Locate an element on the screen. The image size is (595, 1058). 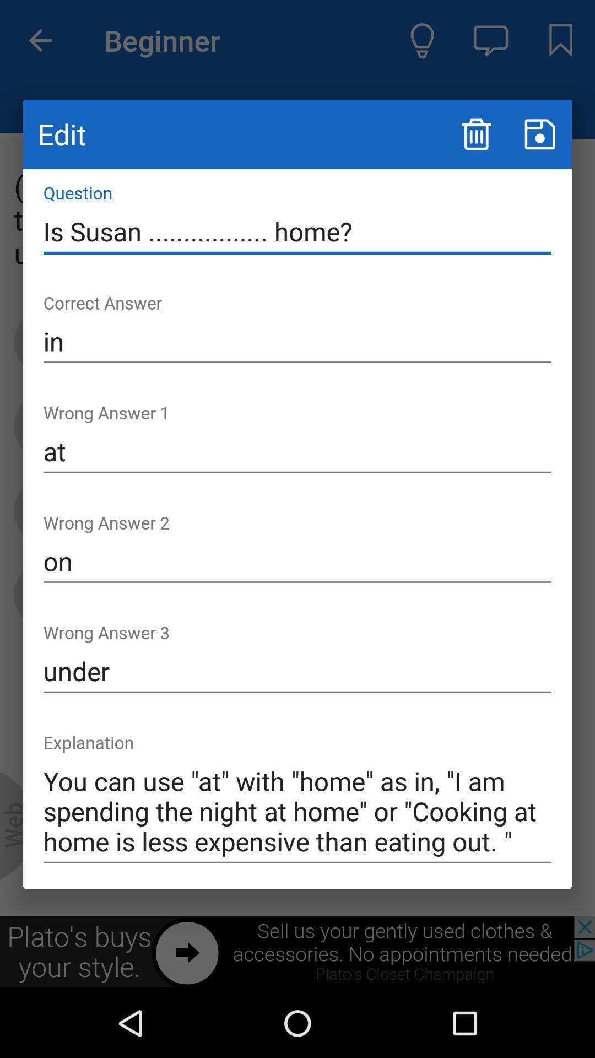
the under icon is located at coordinates (297, 671).